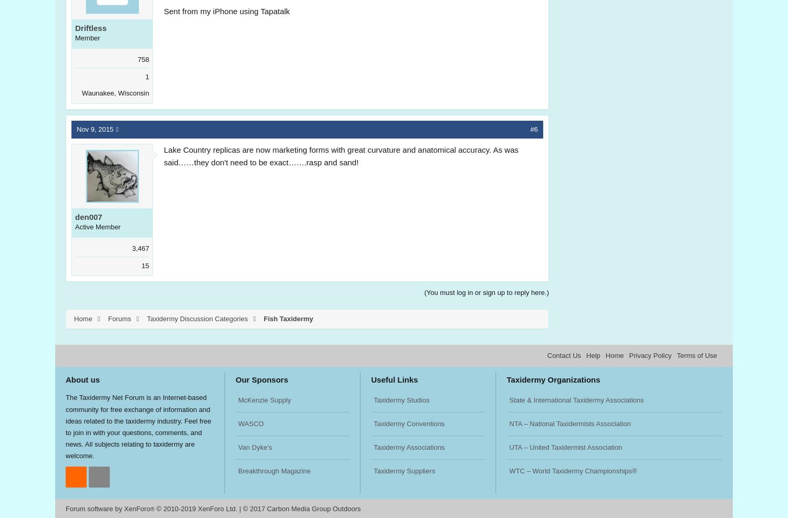 This screenshot has height=518, width=788. Describe the element at coordinates (299, 508) in the screenshot. I see `'© 2017 Carbon Media Group Outdoors'` at that location.